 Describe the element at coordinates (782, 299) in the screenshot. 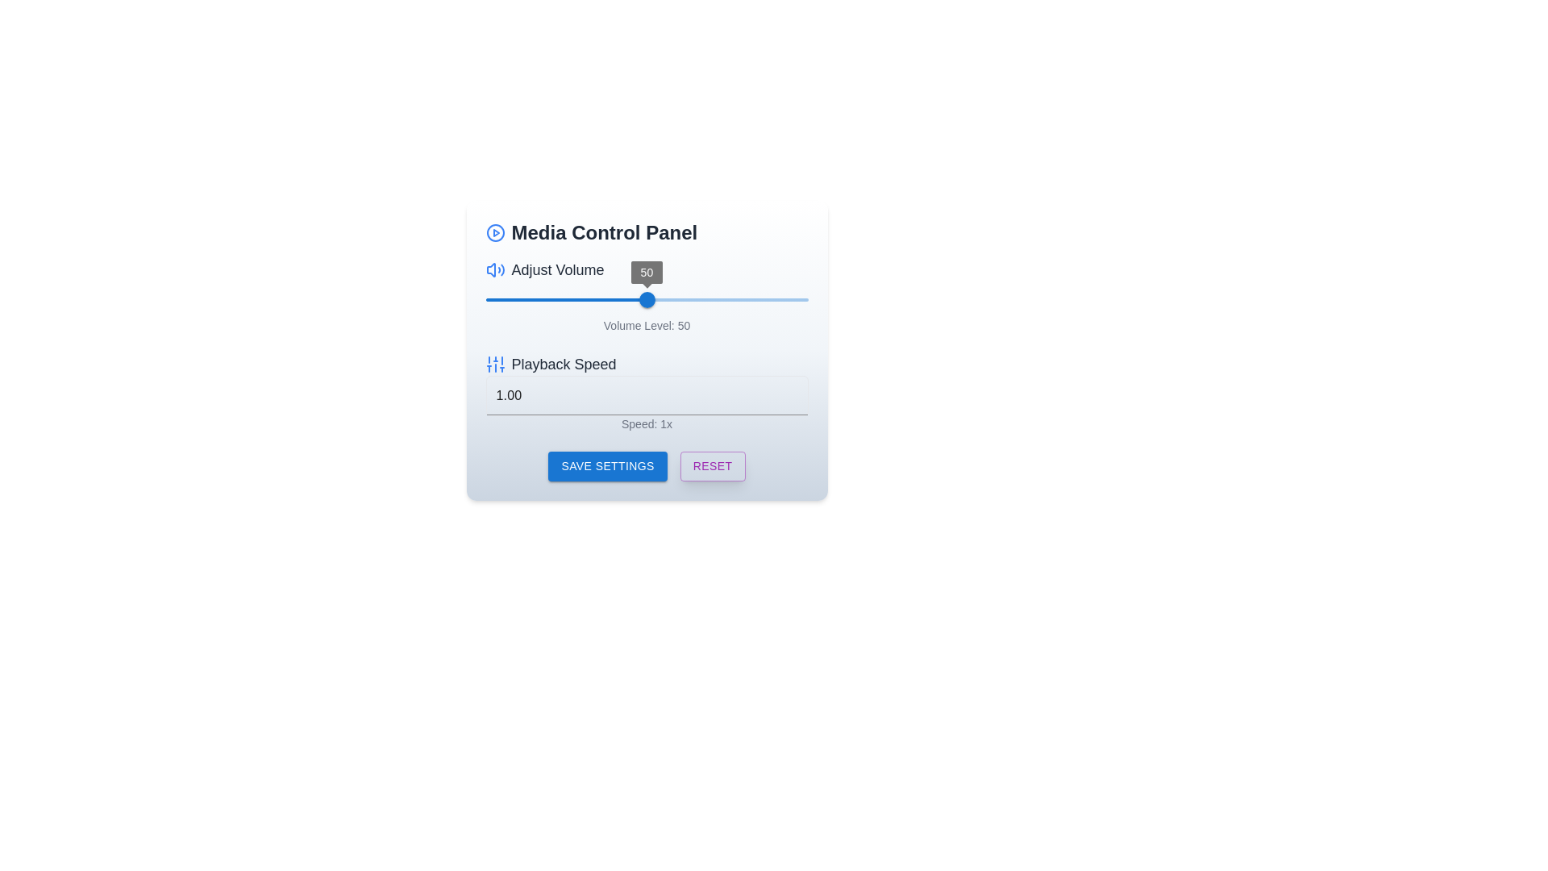

I see `volume` at that location.